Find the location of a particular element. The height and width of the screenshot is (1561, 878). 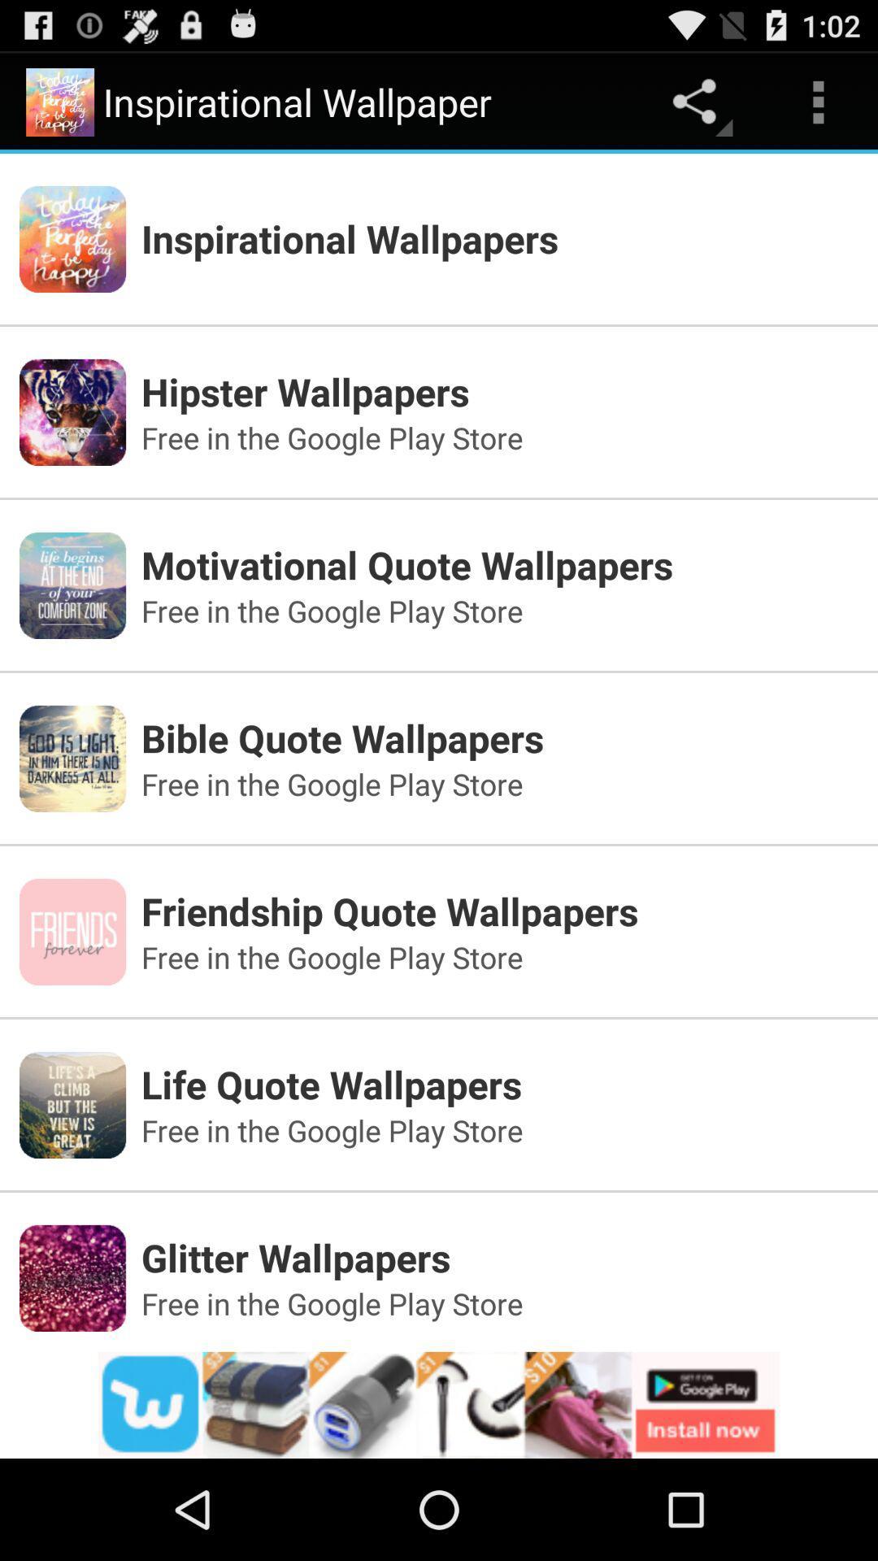

advertisement is located at coordinates (439, 1404).